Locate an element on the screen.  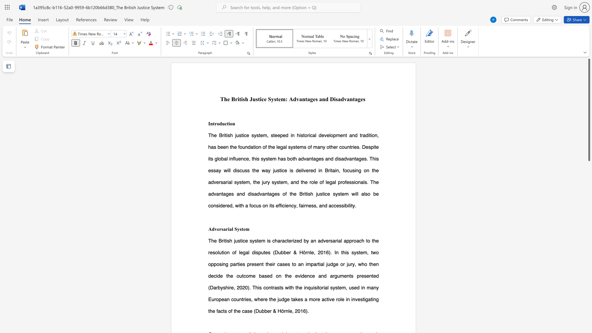
the vertical scrollbar to lower the page content is located at coordinates (589, 207).